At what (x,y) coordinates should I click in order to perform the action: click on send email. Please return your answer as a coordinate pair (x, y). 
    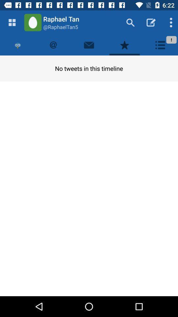
    Looking at the image, I should click on (89, 45).